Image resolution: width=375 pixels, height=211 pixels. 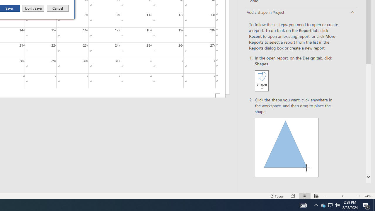 I want to click on 'AutomationID: 4105', so click(x=303, y=205).